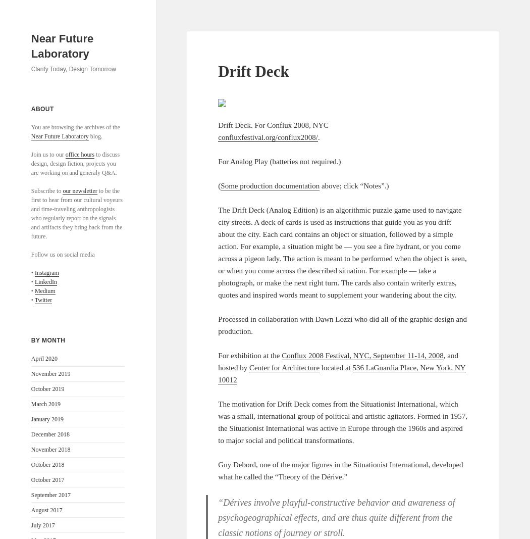  Describe the element at coordinates (50, 494) in the screenshot. I see `'September 2017'` at that location.